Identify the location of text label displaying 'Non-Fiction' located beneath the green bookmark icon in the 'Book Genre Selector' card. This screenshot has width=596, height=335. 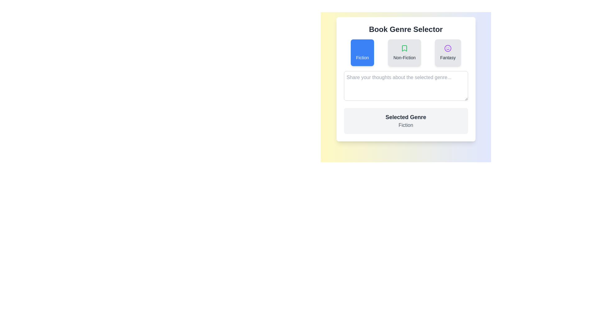
(404, 57).